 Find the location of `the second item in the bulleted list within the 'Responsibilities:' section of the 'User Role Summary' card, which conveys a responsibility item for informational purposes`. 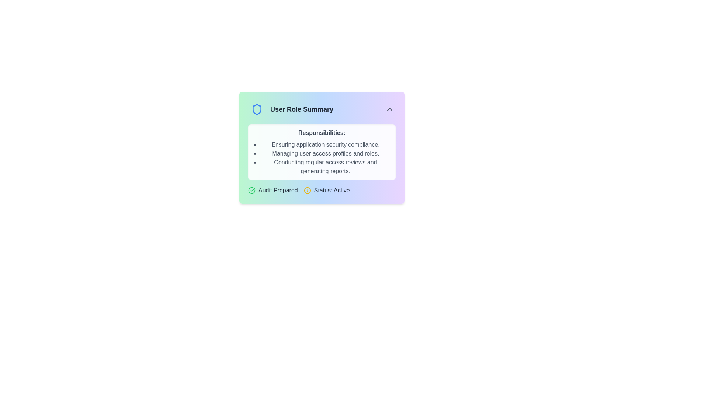

the second item in the bulleted list within the 'Responsibilities:' section of the 'User Role Summary' card, which conveys a responsibility item for informational purposes is located at coordinates (325, 153).